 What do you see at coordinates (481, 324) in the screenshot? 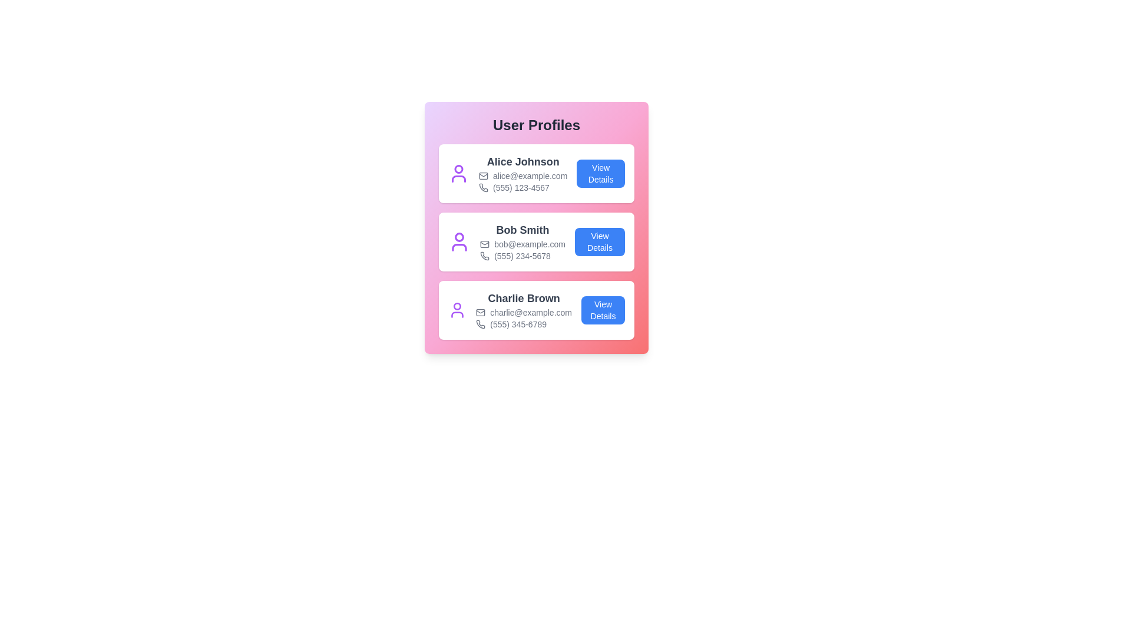
I see `the phone icon for the user Charlie Brown` at bounding box center [481, 324].